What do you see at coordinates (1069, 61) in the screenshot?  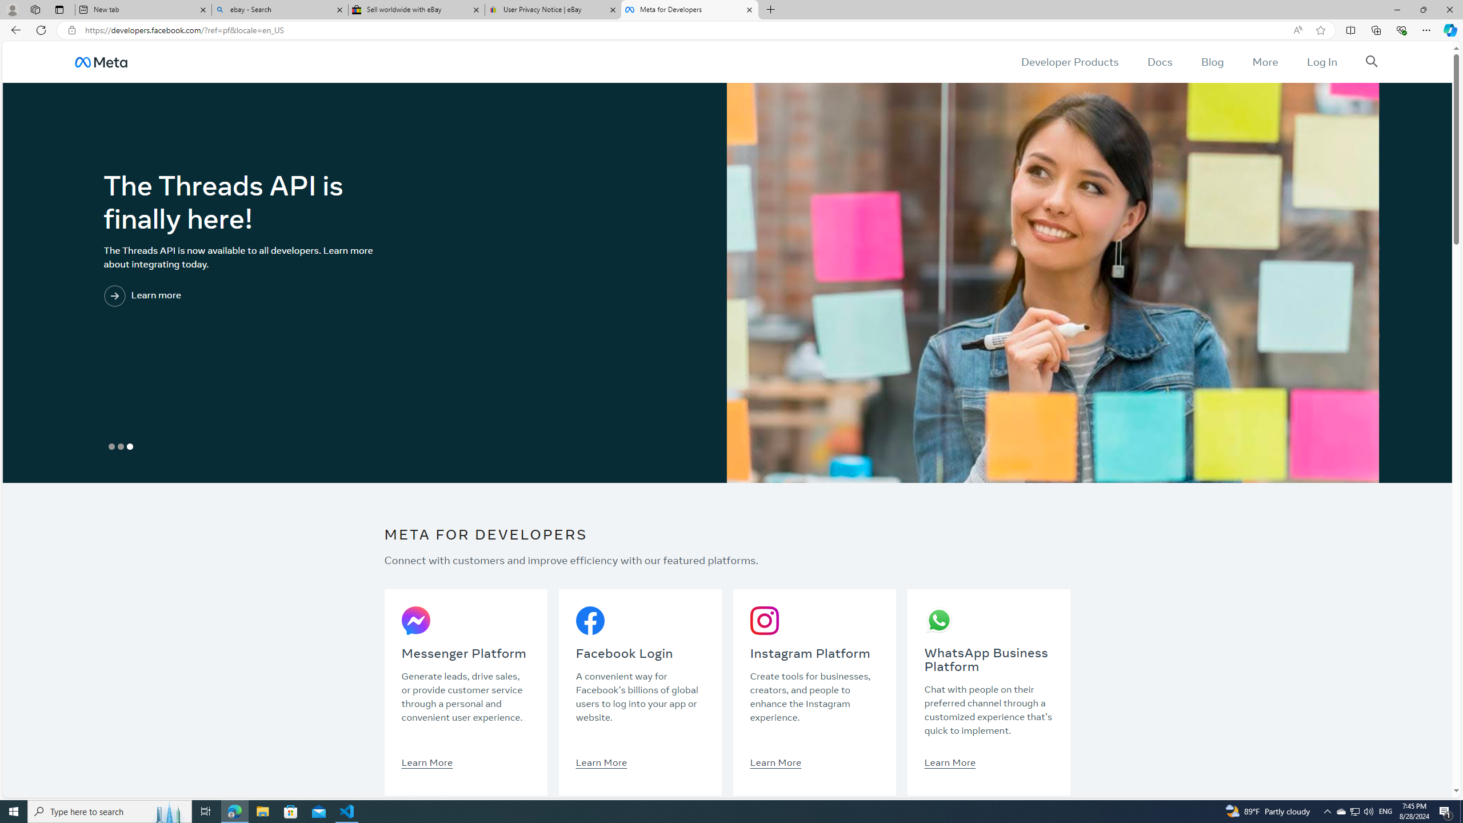 I see `'Developer Products'` at bounding box center [1069, 61].